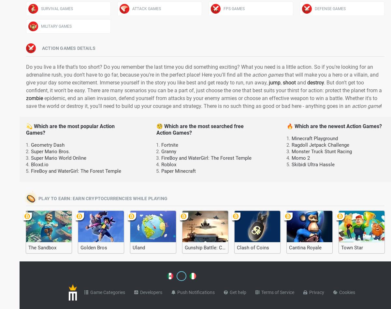 The width and height of the screenshot is (391, 309). What do you see at coordinates (34, 98) in the screenshot?
I see `'zombie'` at bounding box center [34, 98].